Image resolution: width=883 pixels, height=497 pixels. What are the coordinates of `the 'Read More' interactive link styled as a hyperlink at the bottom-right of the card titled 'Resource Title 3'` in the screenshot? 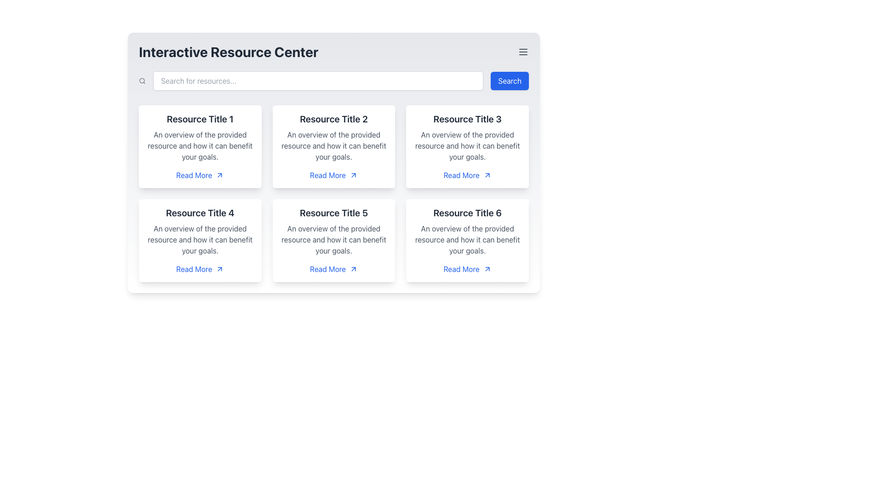 It's located at (467, 175).